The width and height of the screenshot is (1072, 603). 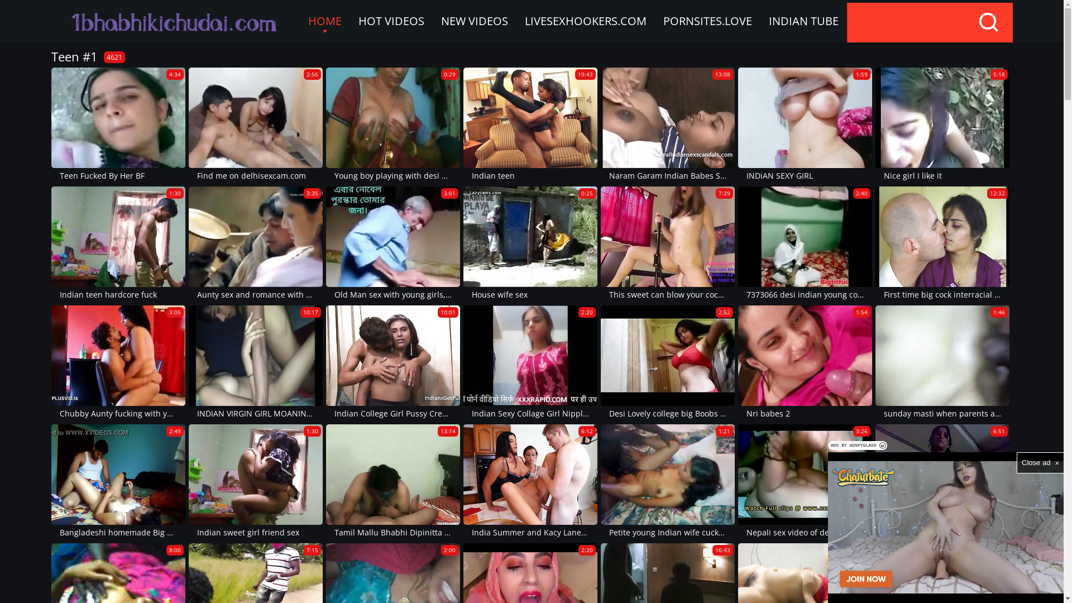 What do you see at coordinates (706, 21) in the screenshot?
I see `'PORNSITES.LOVE'` at bounding box center [706, 21].